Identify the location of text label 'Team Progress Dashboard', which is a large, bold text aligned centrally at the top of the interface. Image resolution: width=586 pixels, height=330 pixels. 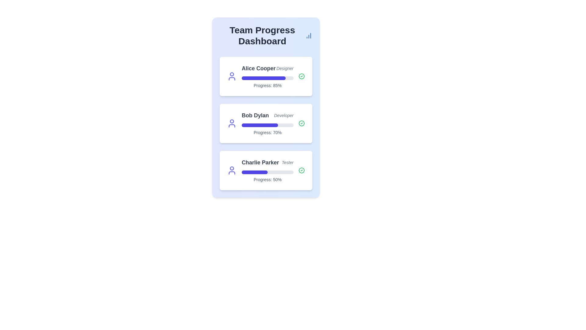
(262, 35).